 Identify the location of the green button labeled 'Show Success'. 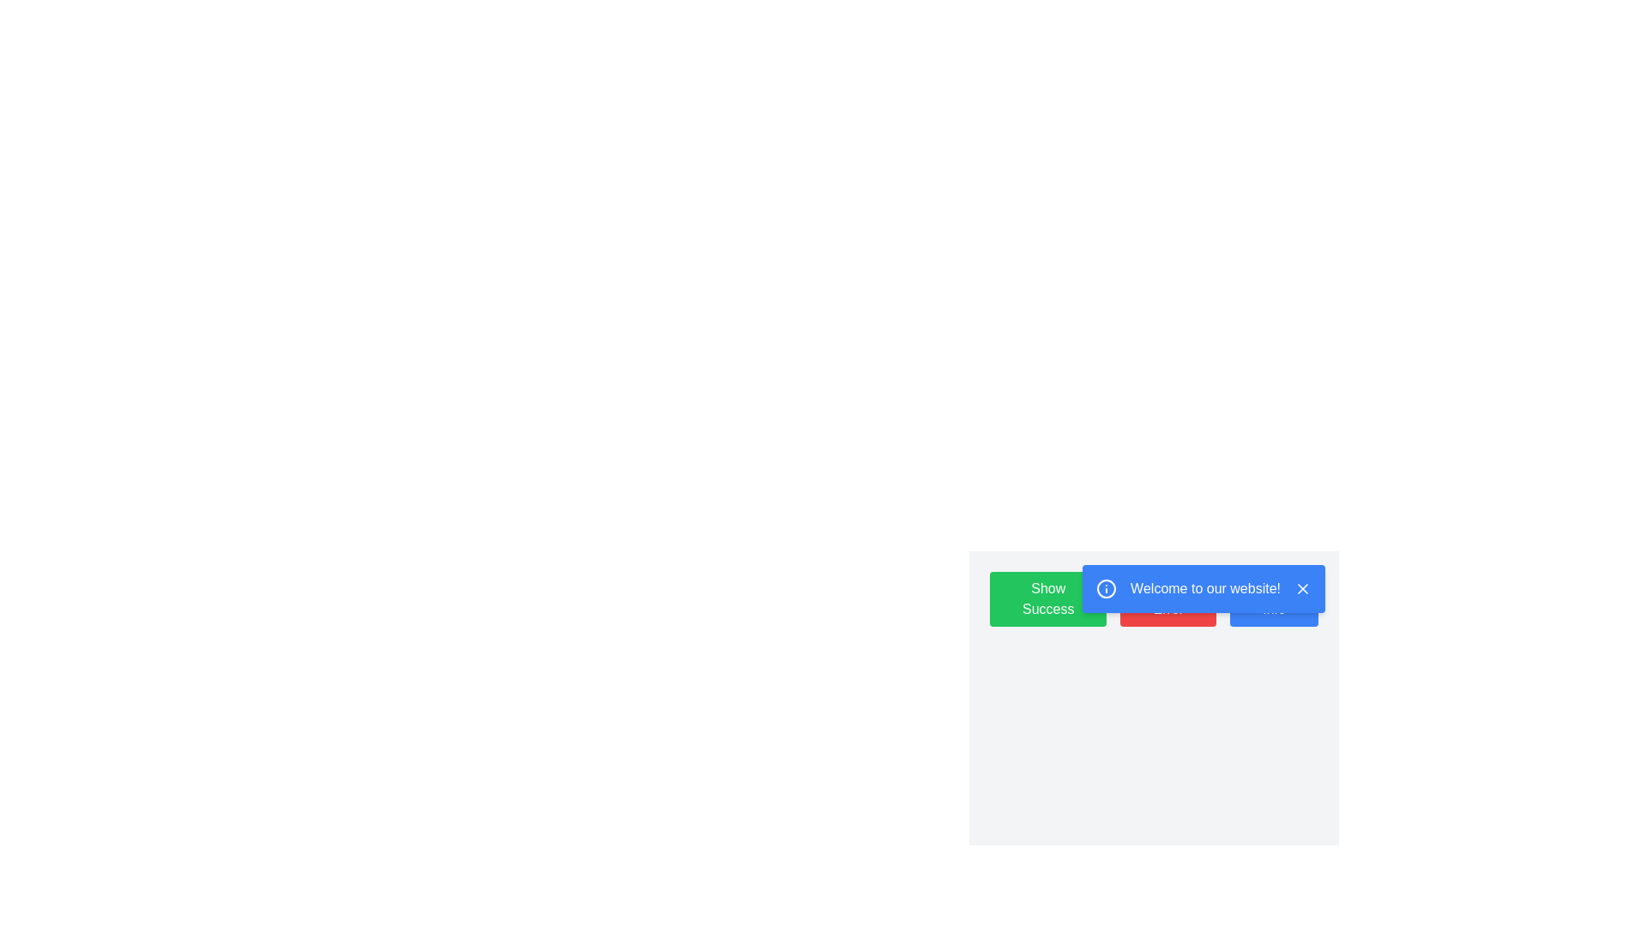
(1047, 598).